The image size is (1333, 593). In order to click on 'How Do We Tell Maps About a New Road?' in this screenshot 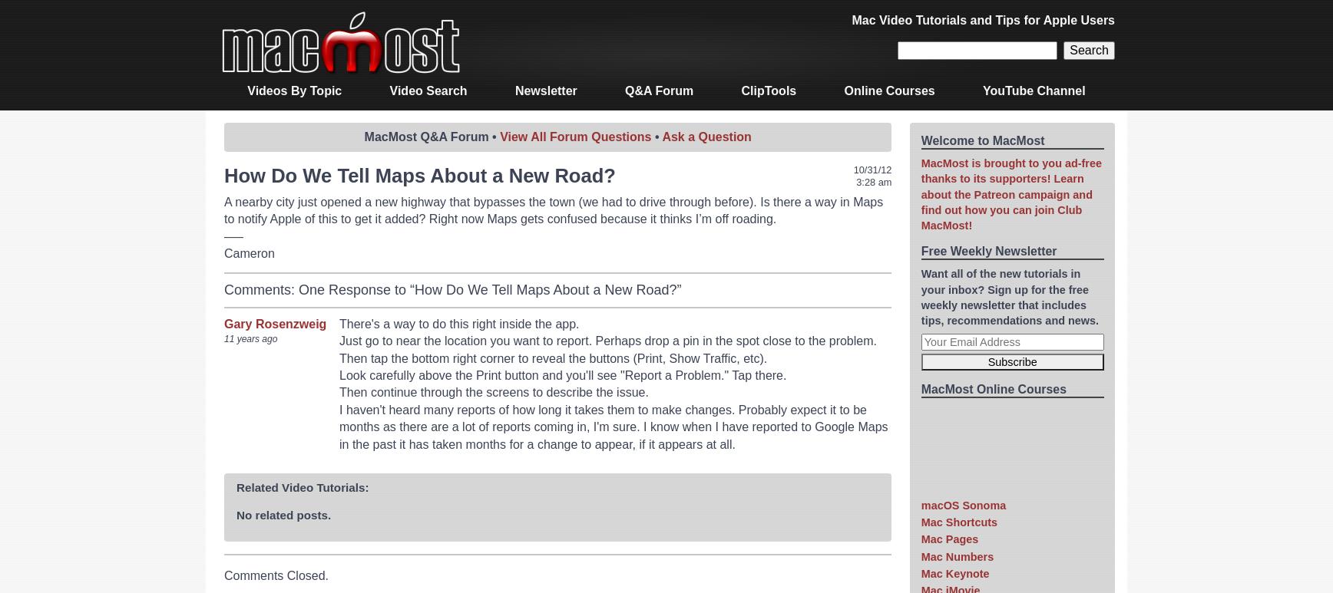, I will do `click(420, 175)`.